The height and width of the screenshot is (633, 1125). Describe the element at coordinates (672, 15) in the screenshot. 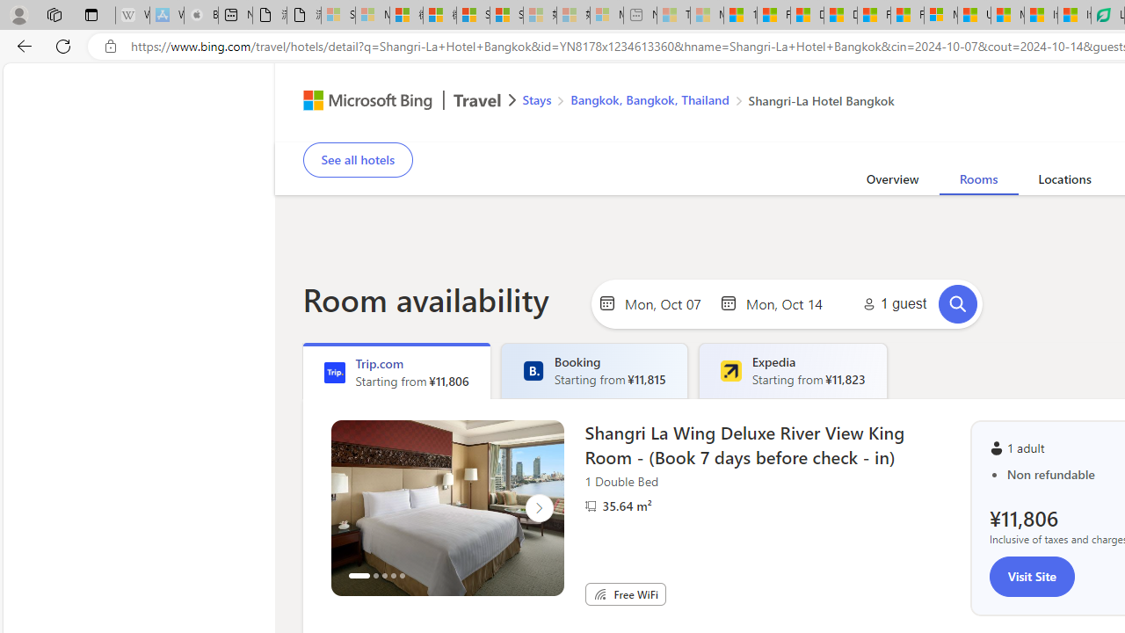

I see `'Top Stories - MSN - Sleeping'` at that location.